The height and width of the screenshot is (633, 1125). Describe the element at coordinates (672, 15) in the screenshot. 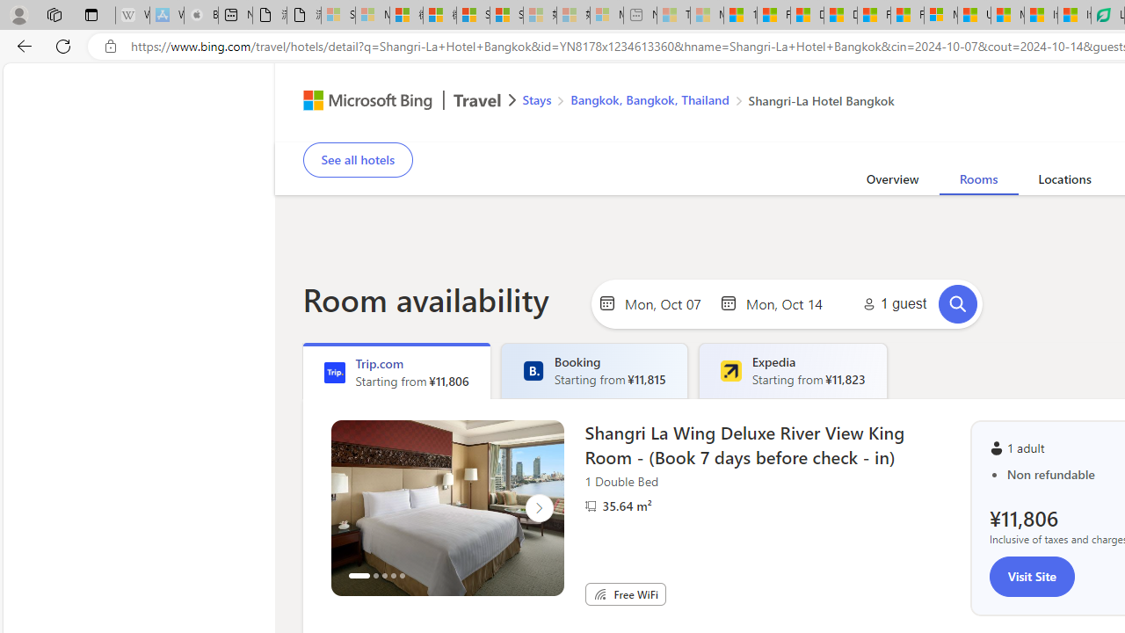

I see `'Top Stories - MSN - Sleeping'` at that location.